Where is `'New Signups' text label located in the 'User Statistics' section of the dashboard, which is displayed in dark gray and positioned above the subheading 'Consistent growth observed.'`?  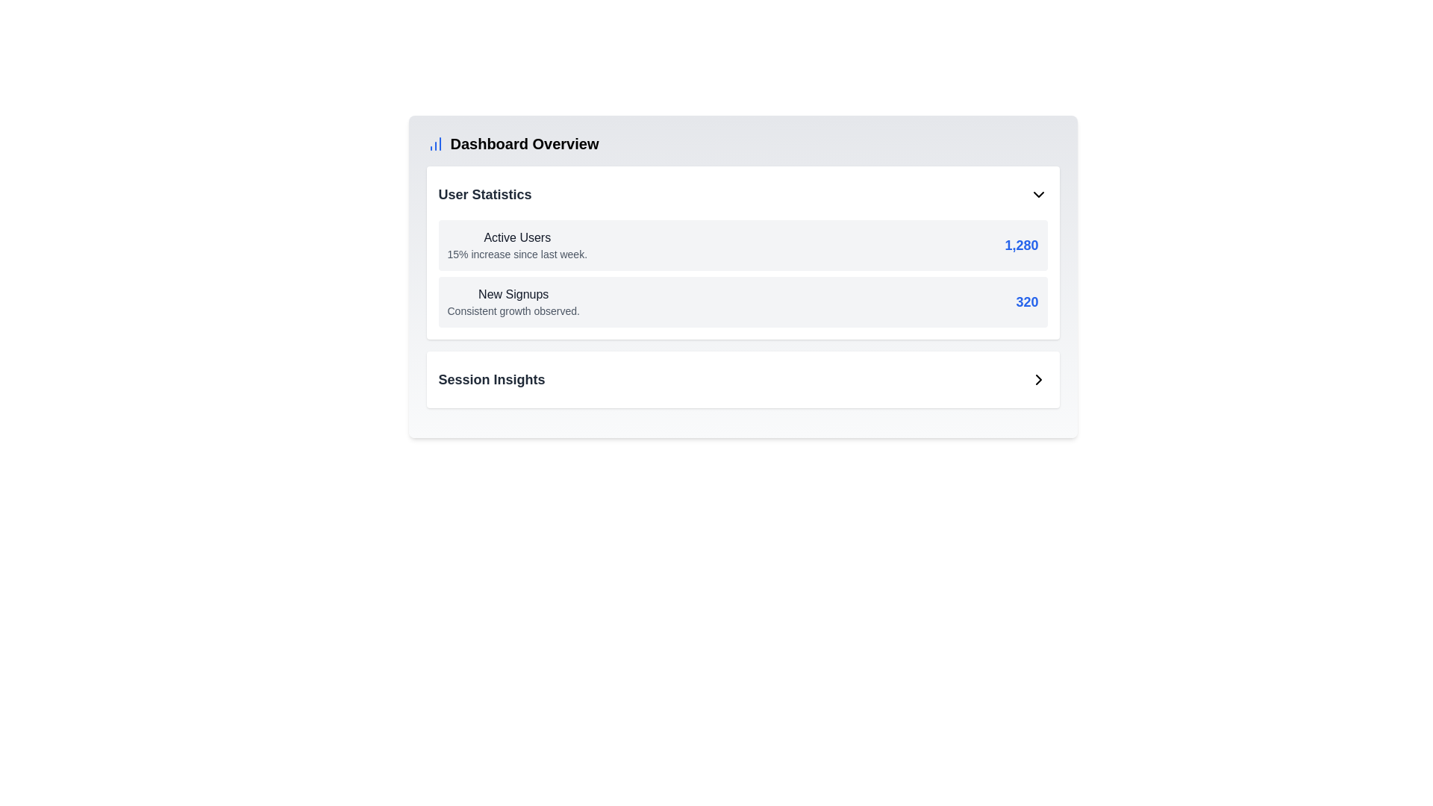
'New Signups' text label located in the 'User Statistics' section of the dashboard, which is displayed in dark gray and positioned above the subheading 'Consistent growth observed.' is located at coordinates (513, 294).